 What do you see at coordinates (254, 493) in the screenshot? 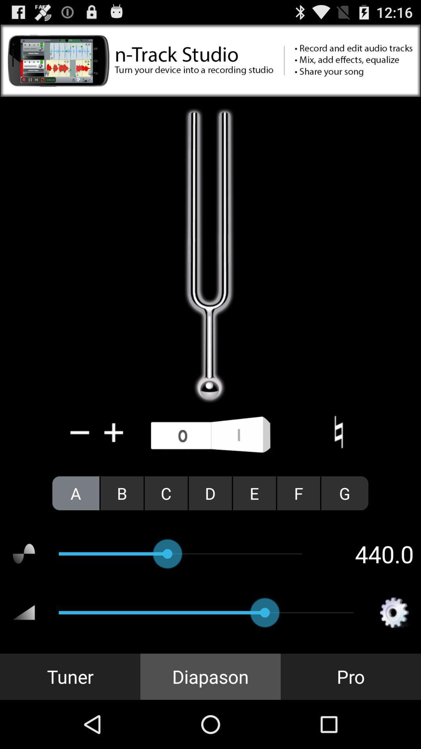
I see `the e icon` at bounding box center [254, 493].